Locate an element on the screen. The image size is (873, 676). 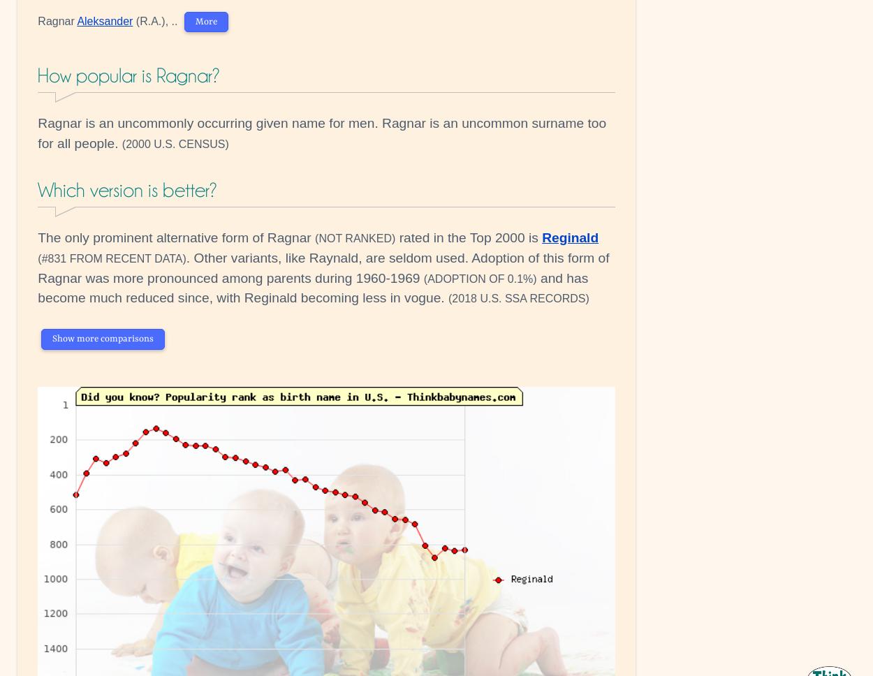
'(2018 U.S. SSA RECORDS)' is located at coordinates (518, 298).